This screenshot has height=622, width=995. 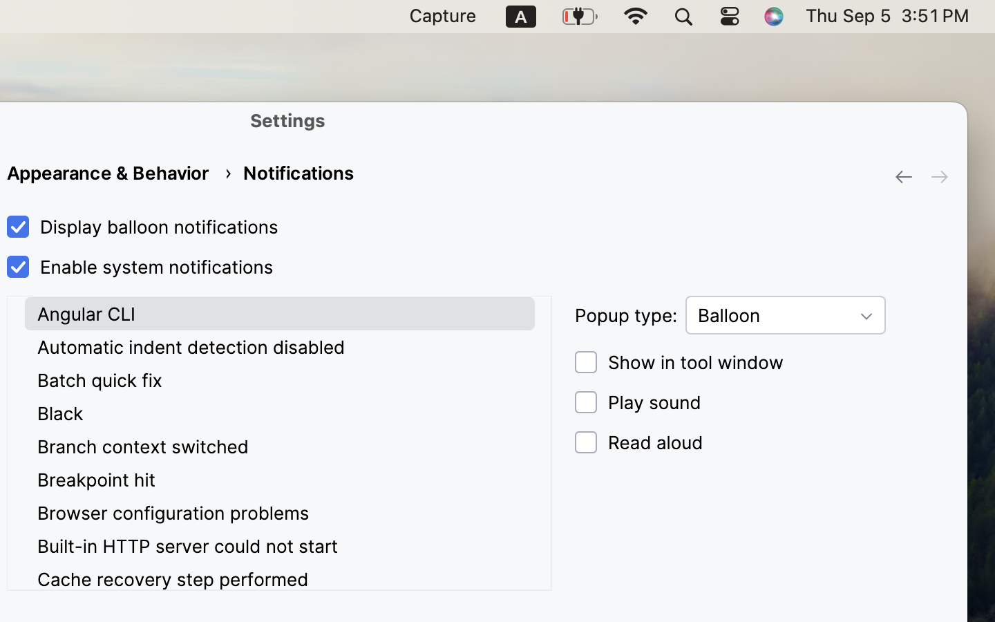 I want to click on 'Popup type:', so click(x=626, y=315).